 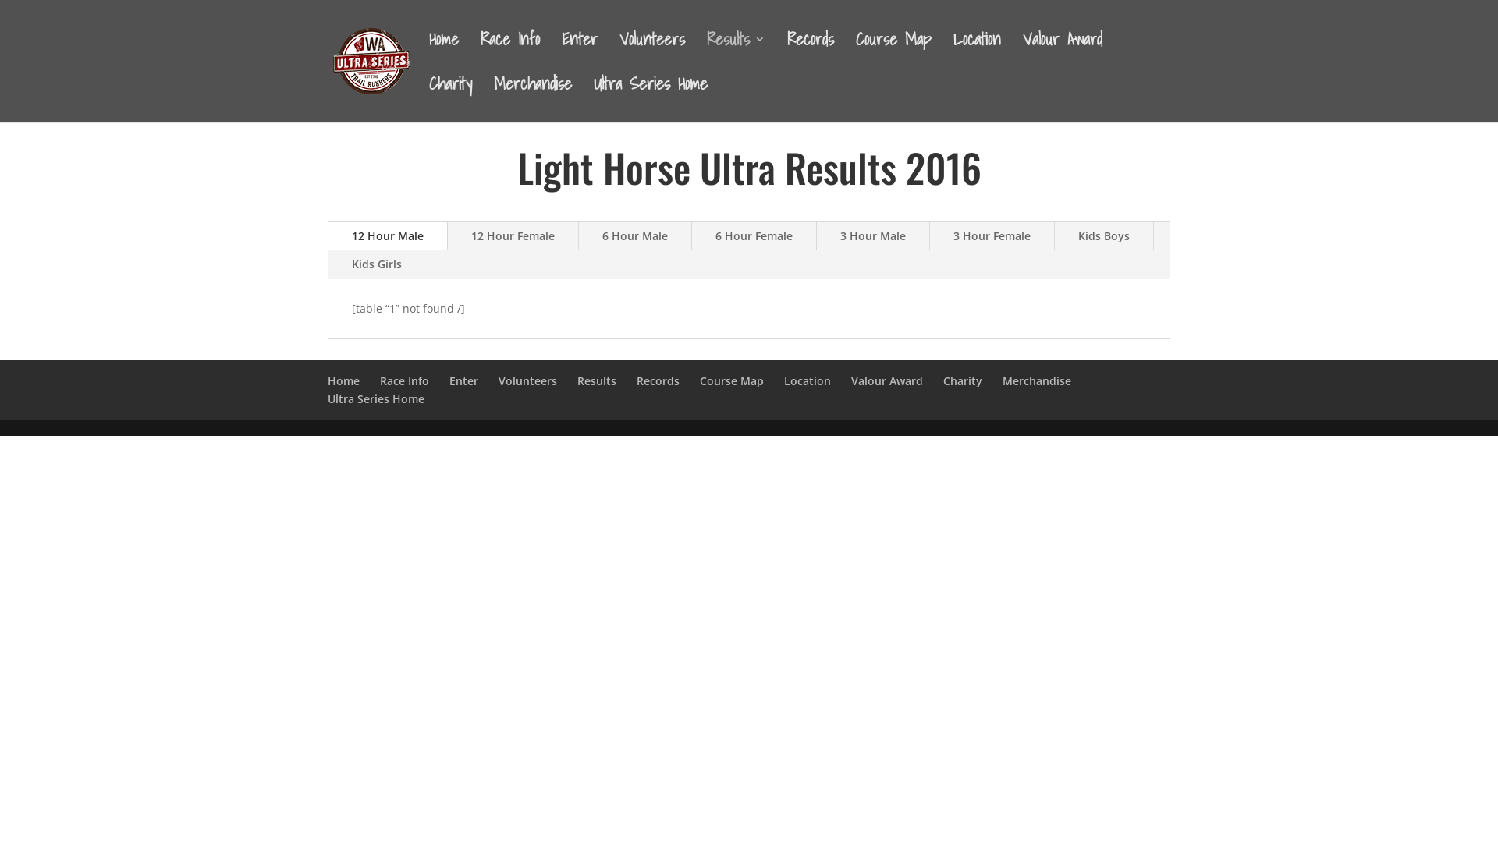 What do you see at coordinates (871, 236) in the screenshot?
I see `'3 Hour Male'` at bounding box center [871, 236].